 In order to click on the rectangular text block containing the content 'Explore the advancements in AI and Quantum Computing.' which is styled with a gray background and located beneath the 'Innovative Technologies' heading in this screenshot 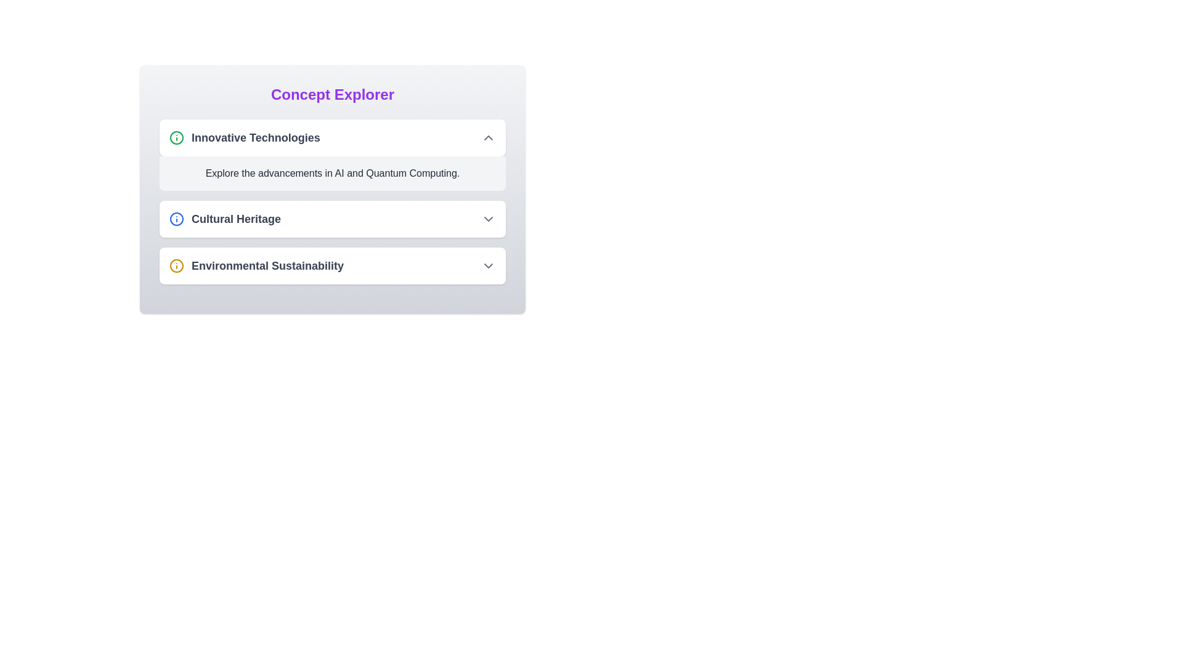, I will do `click(332, 173)`.